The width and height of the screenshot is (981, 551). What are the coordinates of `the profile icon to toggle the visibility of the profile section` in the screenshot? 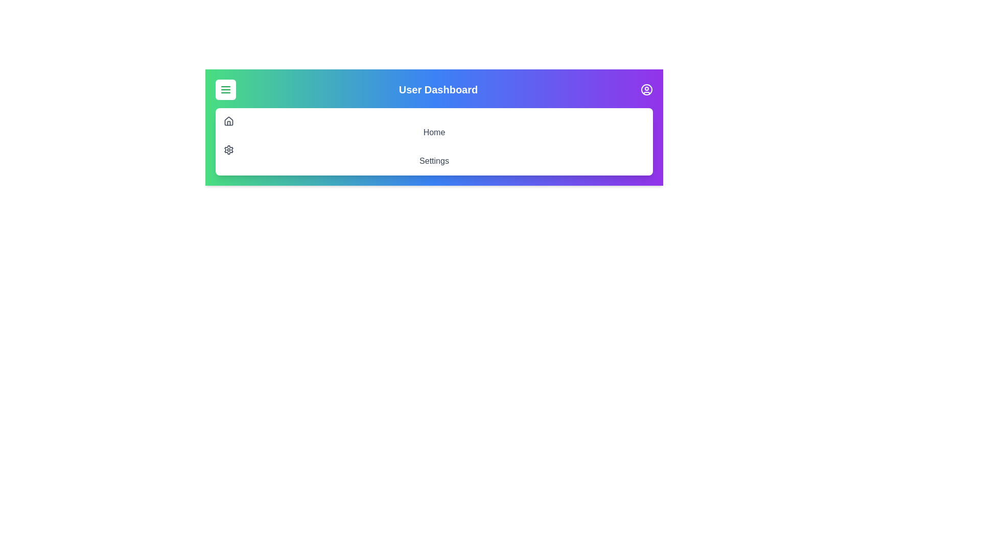 It's located at (646, 89).